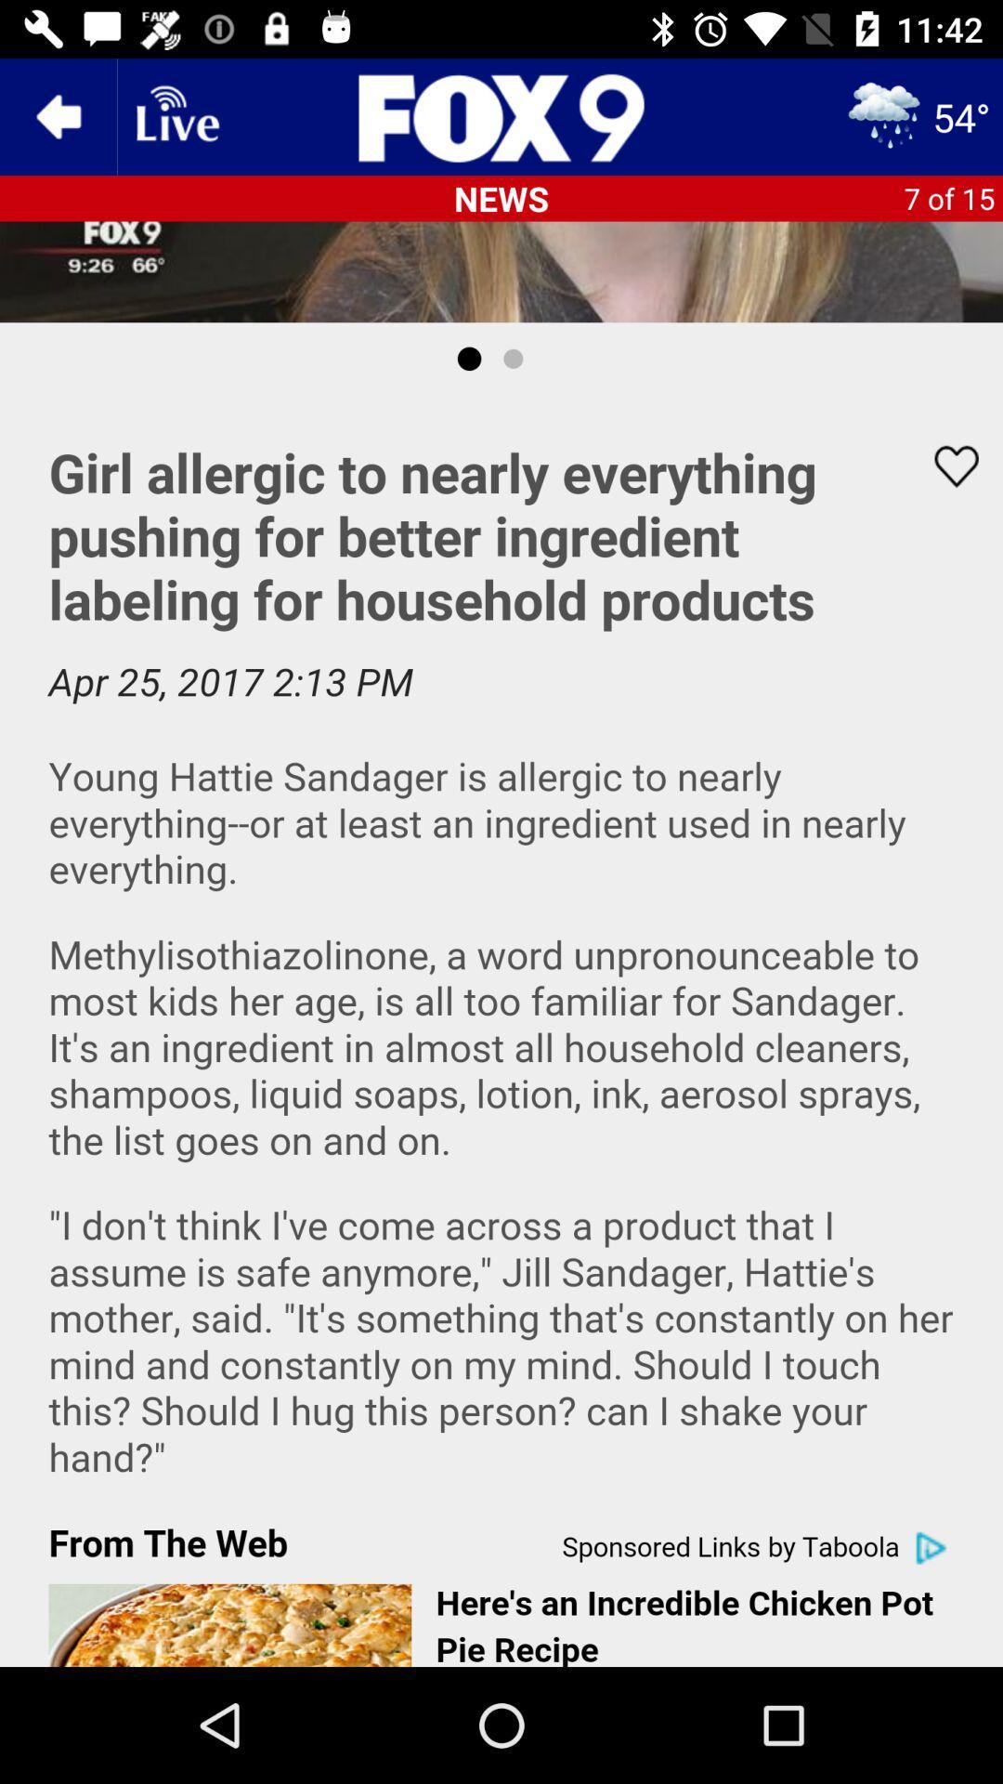 Image resolution: width=1003 pixels, height=1784 pixels. What do you see at coordinates (501, 115) in the screenshot?
I see `fox 9` at bounding box center [501, 115].